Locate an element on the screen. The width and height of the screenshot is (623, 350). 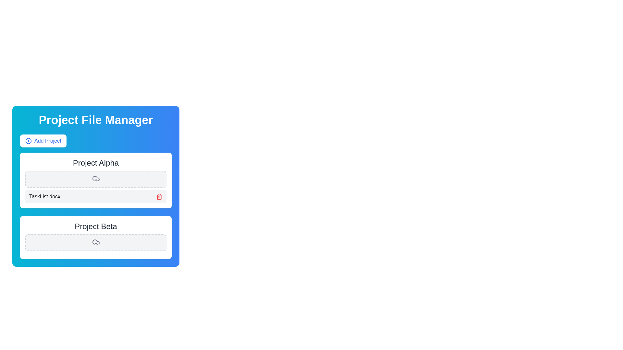
the 'Add Project' button is located at coordinates (43, 141).